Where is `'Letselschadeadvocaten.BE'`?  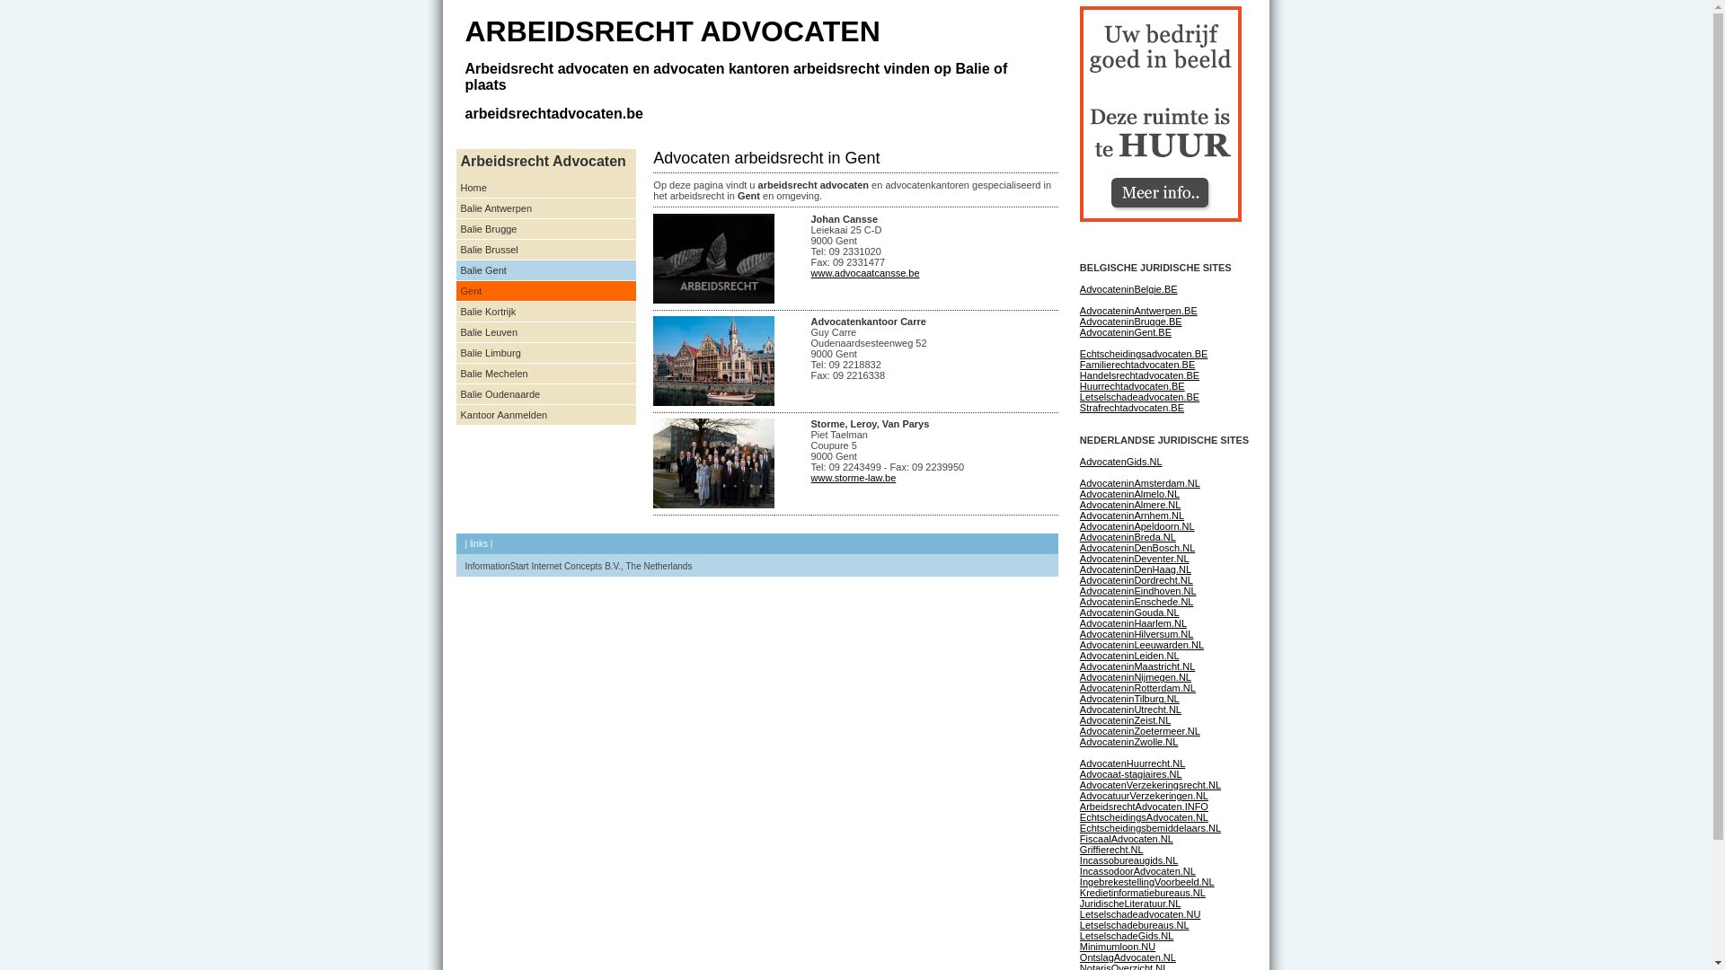 'Letselschadeadvocaten.BE' is located at coordinates (1078, 396).